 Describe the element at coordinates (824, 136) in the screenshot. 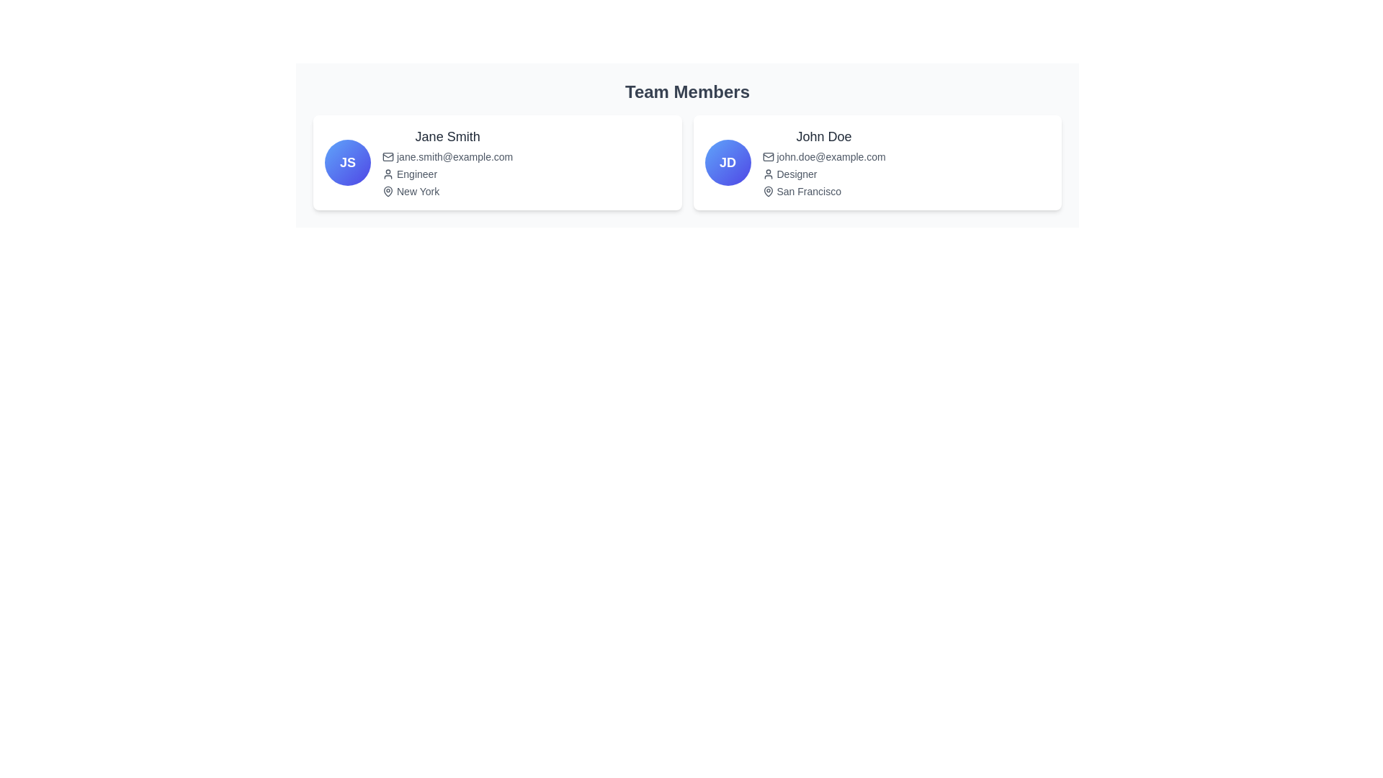

I see `the text label indicating the name of the individual in the right card under the 'Team Members' header` at that location.